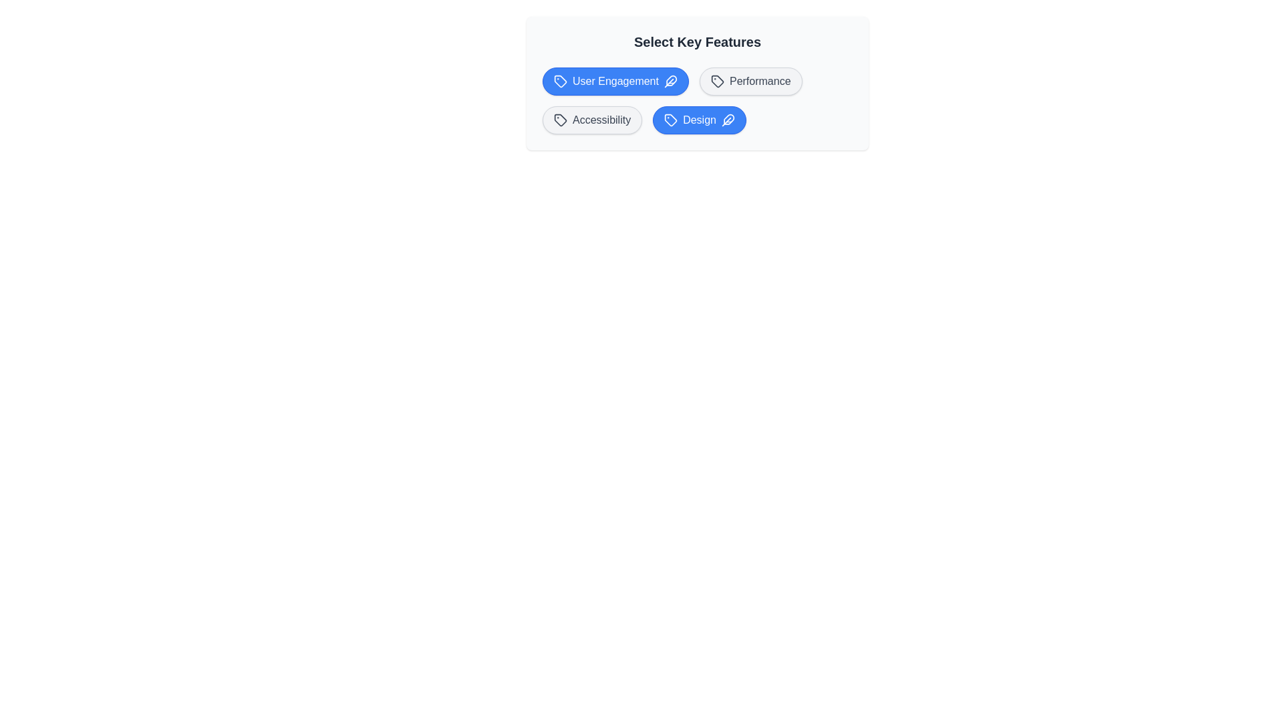 The height and width of the screenshot is (722, 1283). Describe the element at coordinates (615, 82) in the screenshot. I see `the feature button labeled User Engagement` at that location.